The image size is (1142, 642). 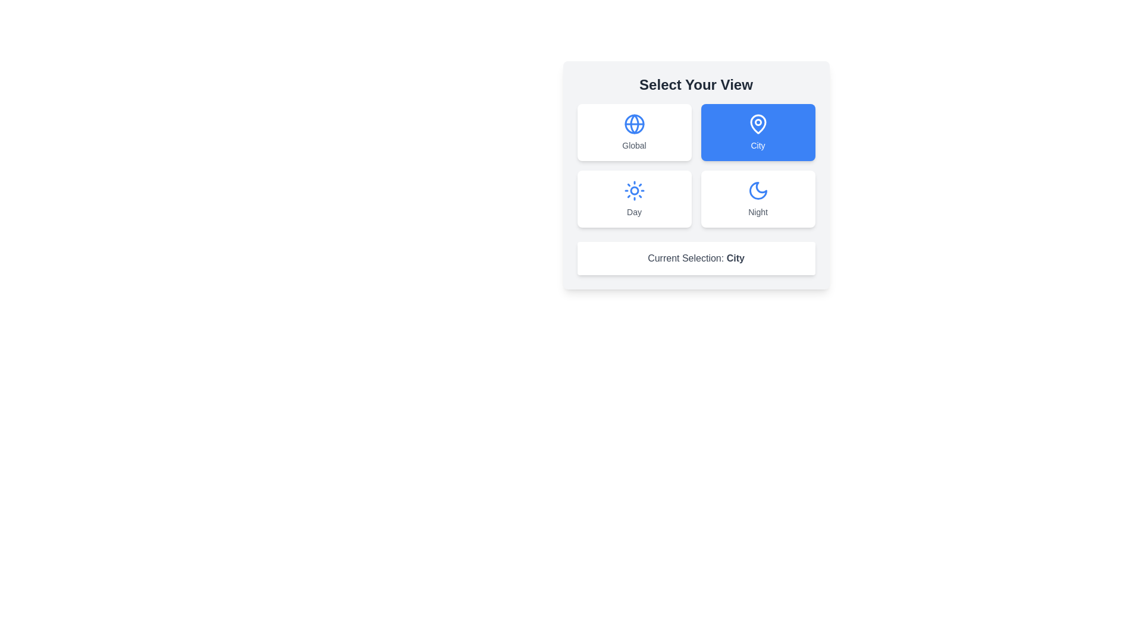 I want to click on the globe SVG graphic located in the top-left card of the 'Select Your View' section, which is to the left of the 'City' option, so click(x=633, y=124).